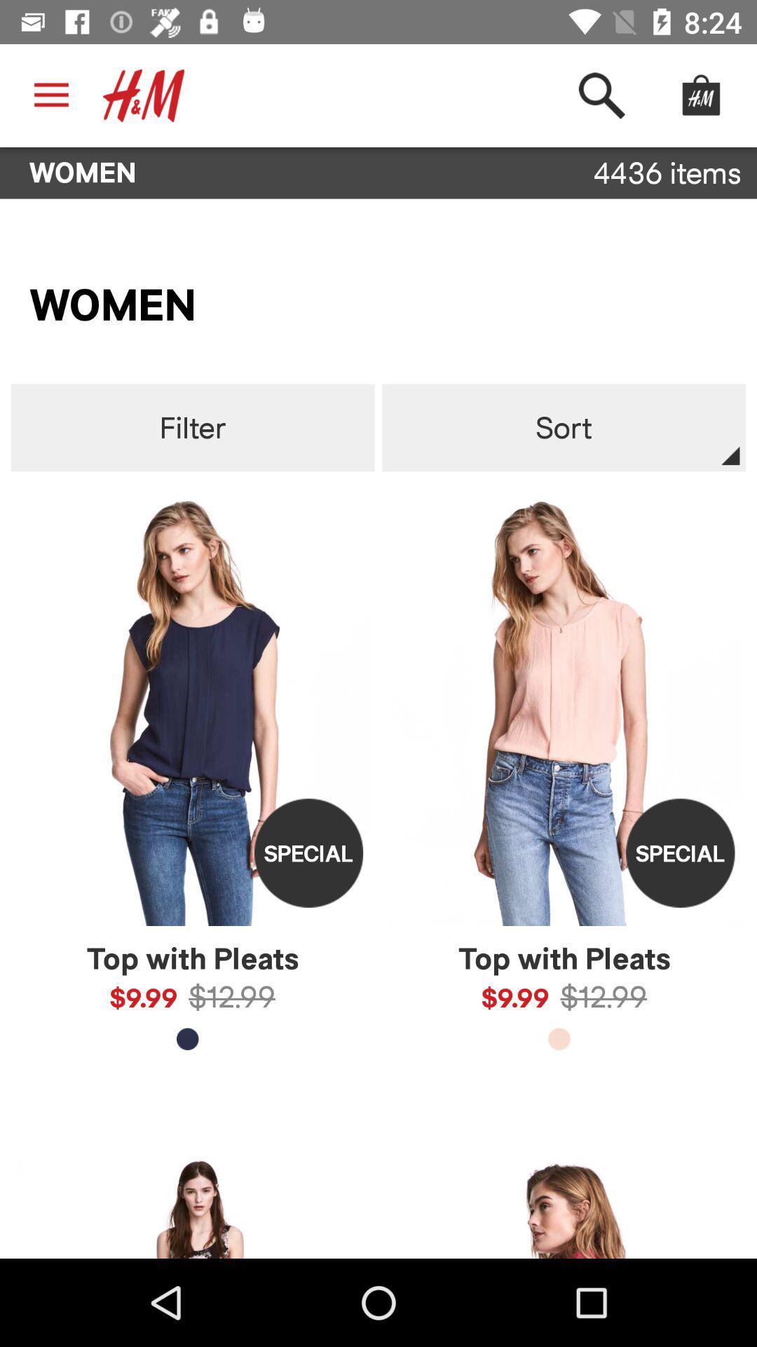 Image resolution: width=757 pixels, height=1347 pixels. I want to click on the icon above women, so click(144, 95).